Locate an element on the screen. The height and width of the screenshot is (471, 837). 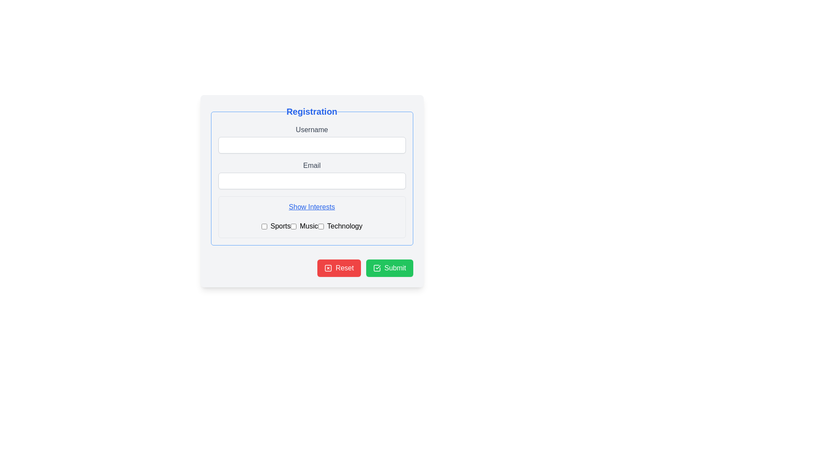
the 'Technology' checkbox is located at coordinates (320, 226).